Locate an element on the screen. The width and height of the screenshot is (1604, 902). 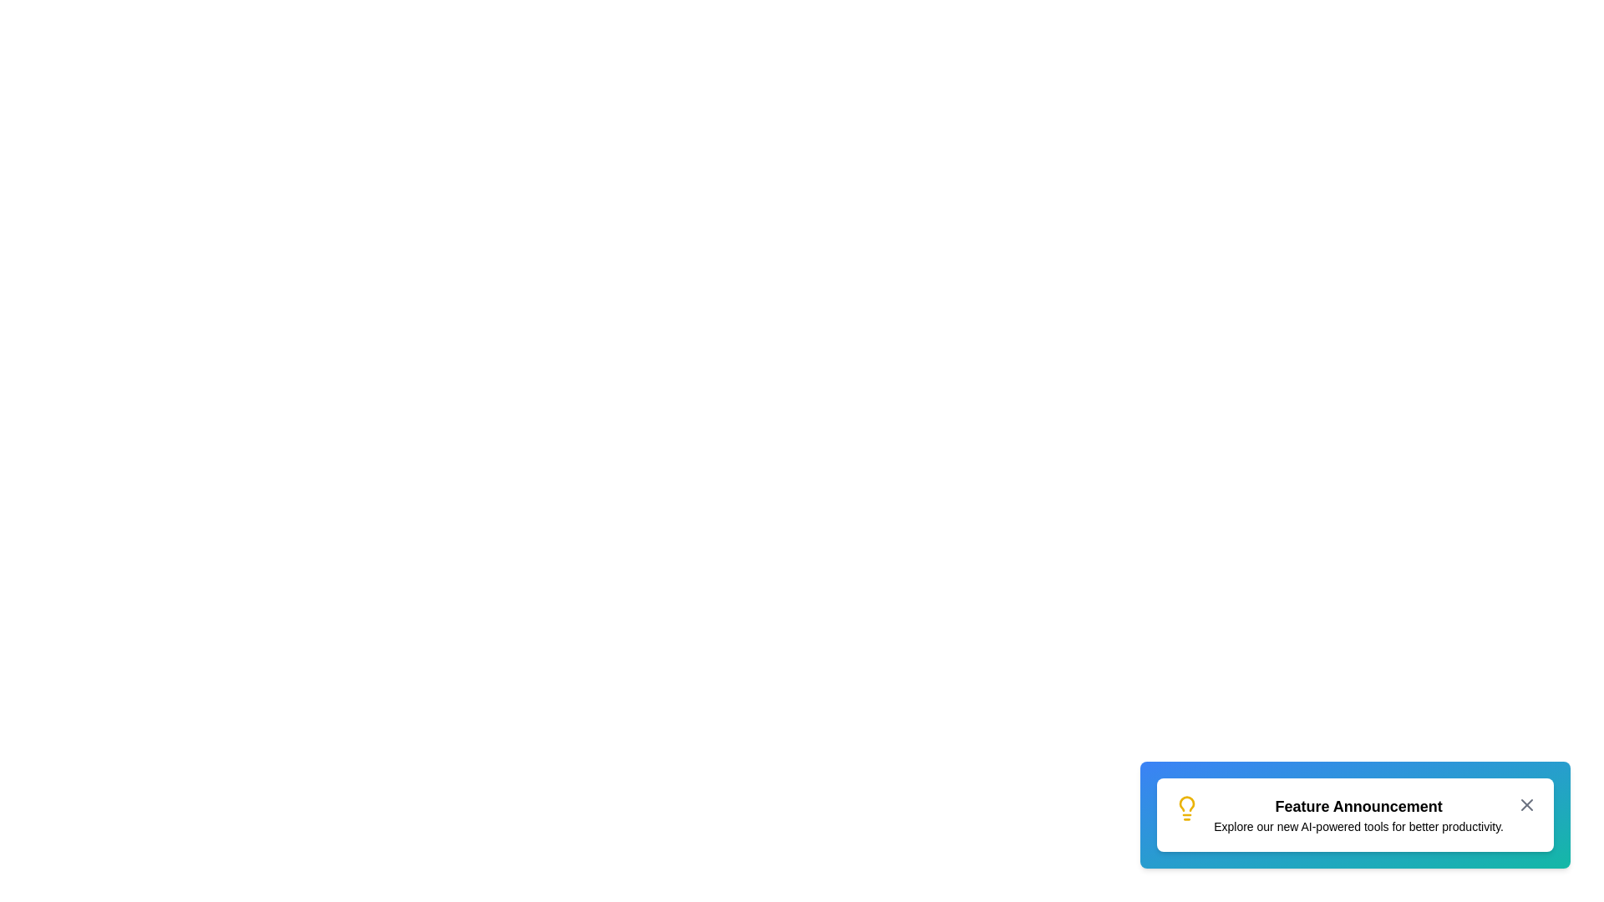
the close button to dismiss the notification is located at coordinates (1527, 804).